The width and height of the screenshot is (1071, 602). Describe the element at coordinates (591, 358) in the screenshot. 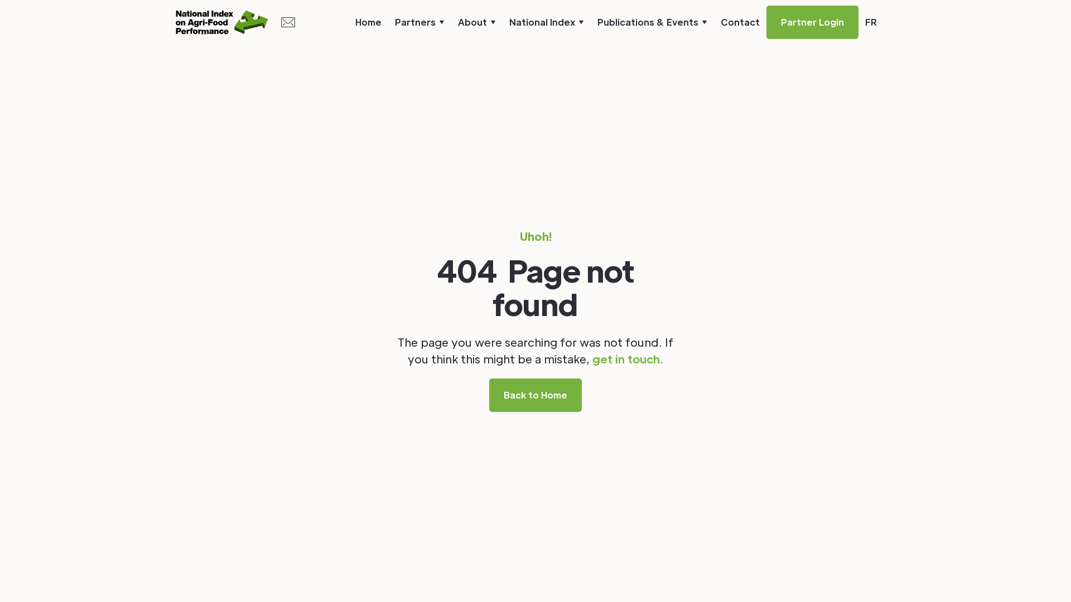

I see `'get in touch.'` at that location.